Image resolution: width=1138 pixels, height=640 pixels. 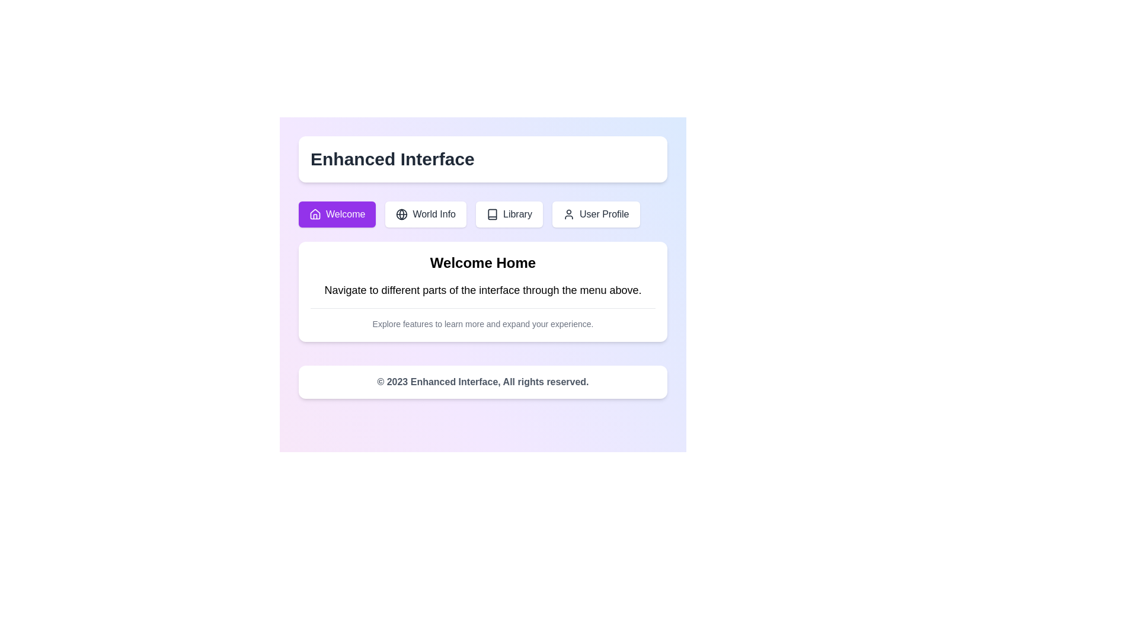 What do you see at coordinates (483, 262) in the screenshot?
I see `the 'Welcome Home' text label, which is a bold and prominent header at the top of the section containing textual information` at bounding box center [483, 262].